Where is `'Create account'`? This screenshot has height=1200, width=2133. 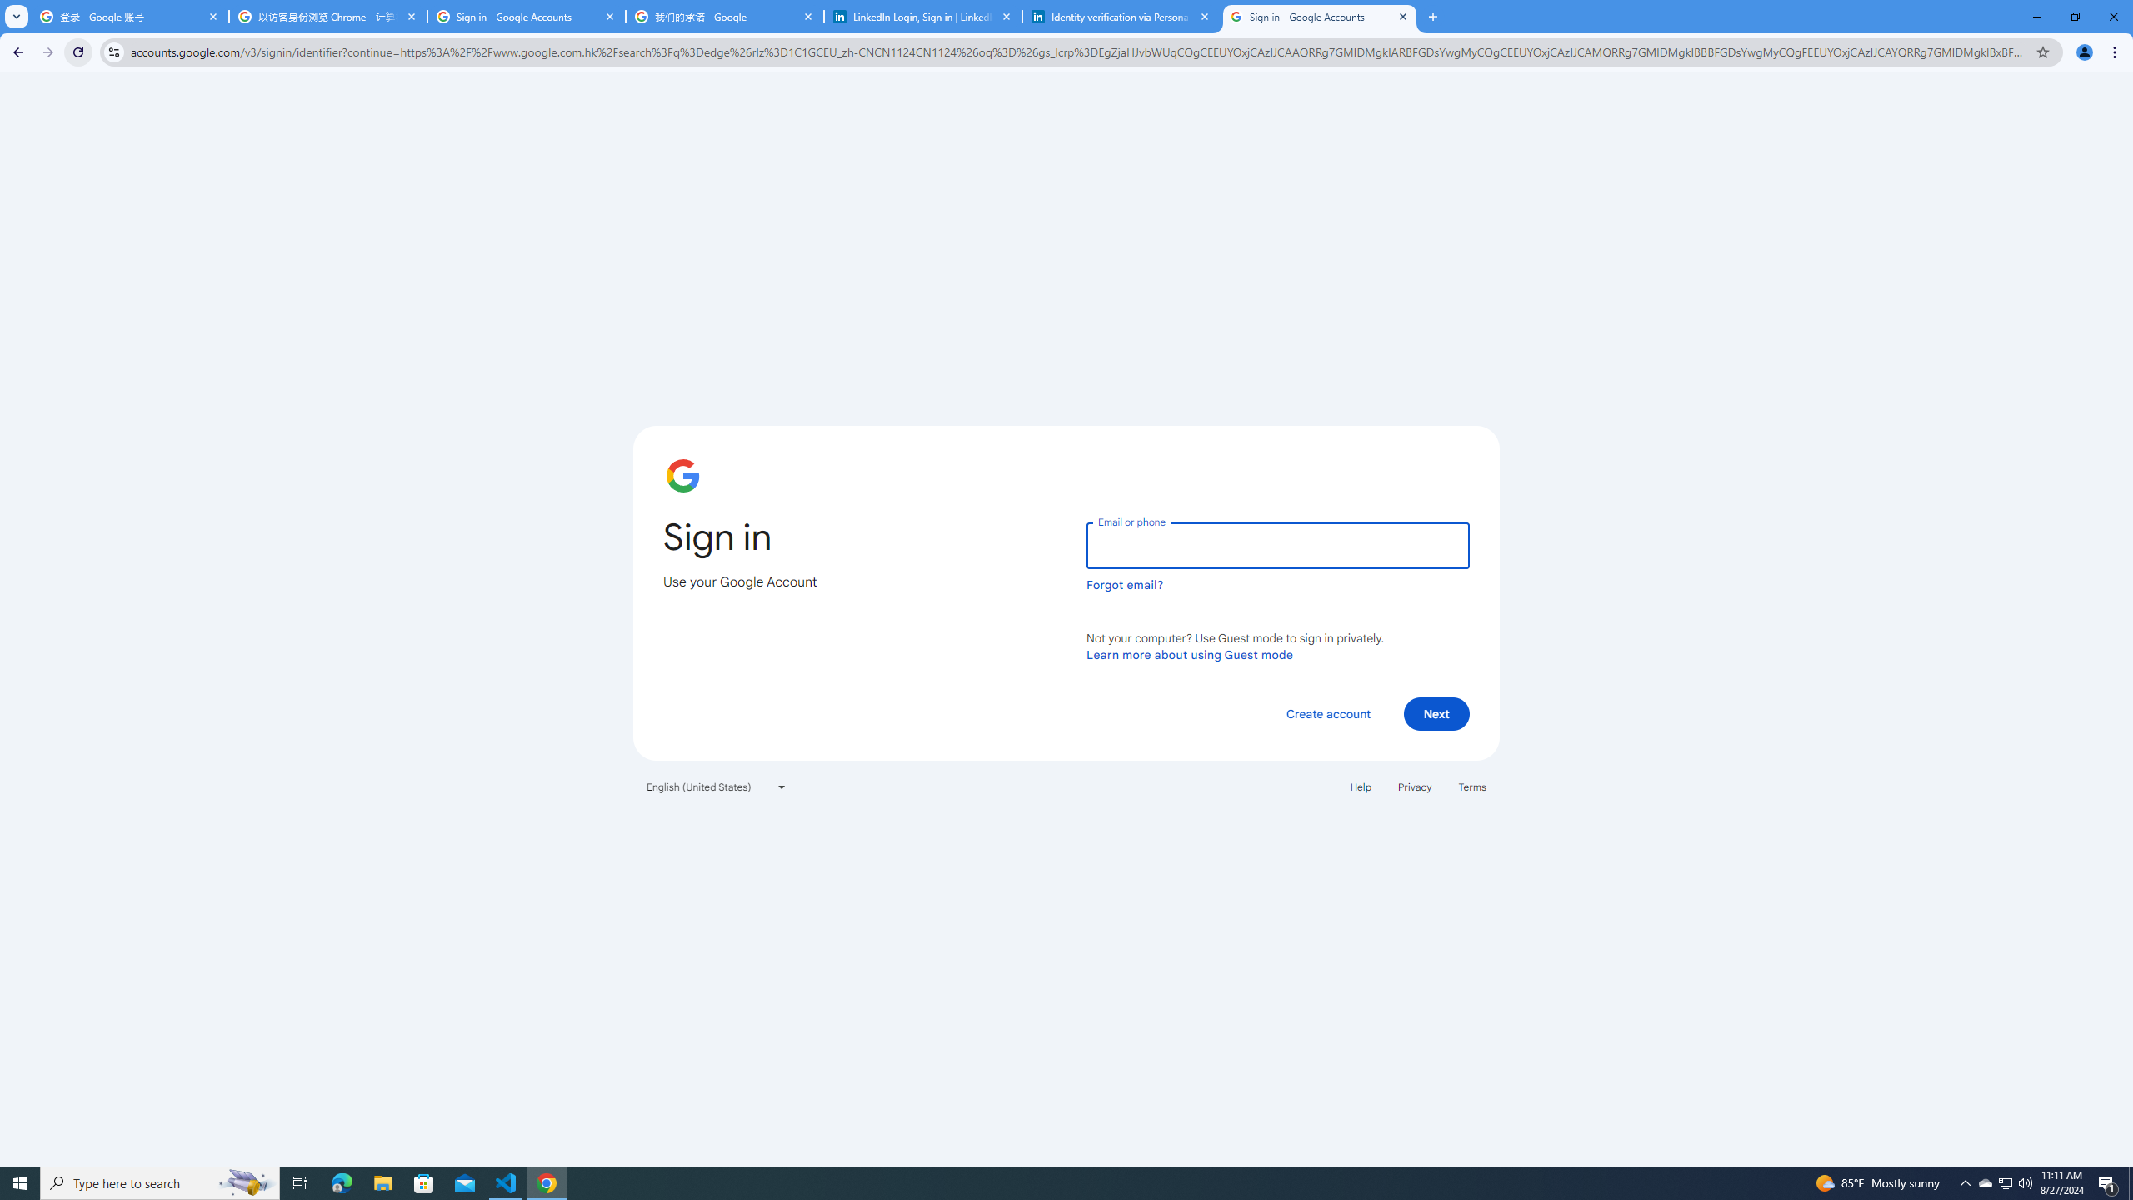 'Create account' is located at coordinates (1327, 712).